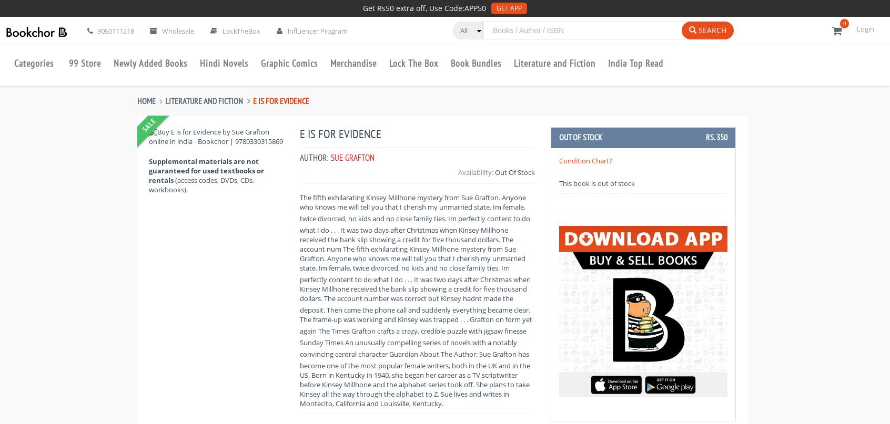  What do you see at coordinates (413, 63) in the screenshot?
I see `'Lock The Box'` at bounding box center [413, 63].